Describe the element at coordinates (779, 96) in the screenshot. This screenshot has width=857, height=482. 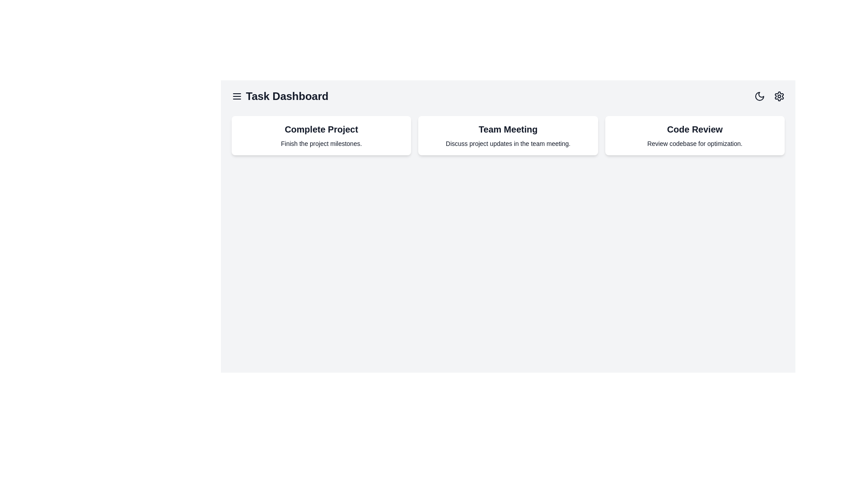
I see `the settings icon located at the top-right of the application interface` at that location.